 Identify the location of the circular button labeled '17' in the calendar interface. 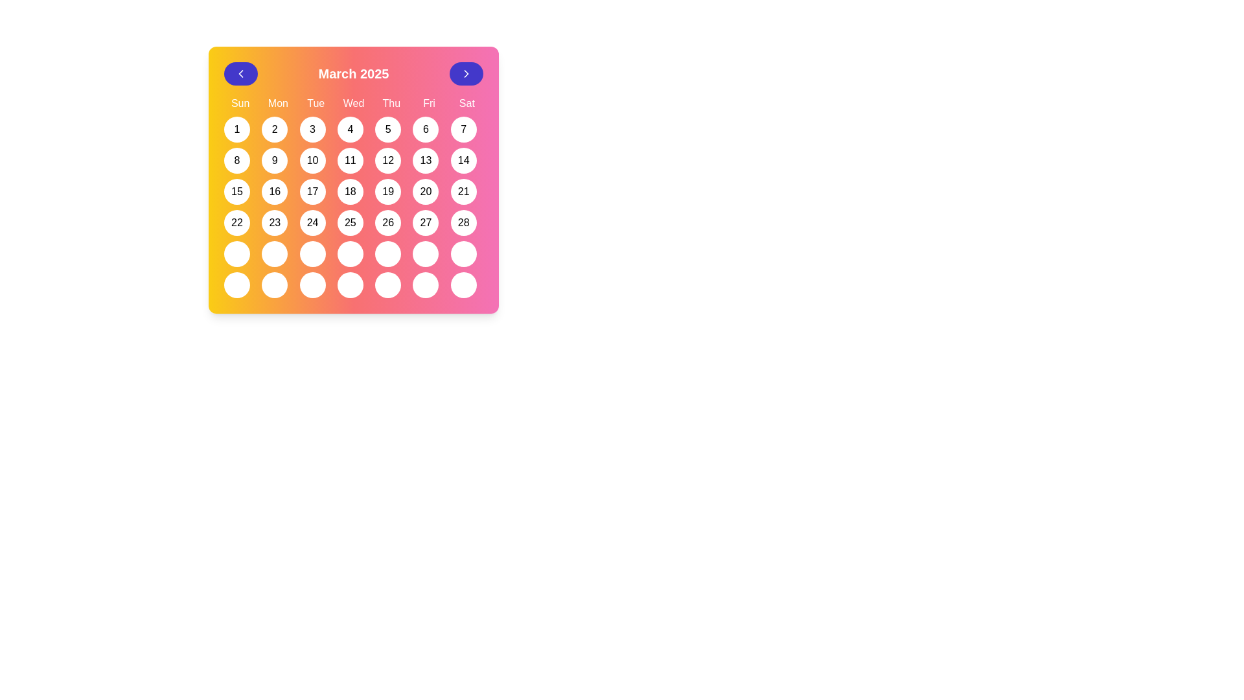
(312, 192).